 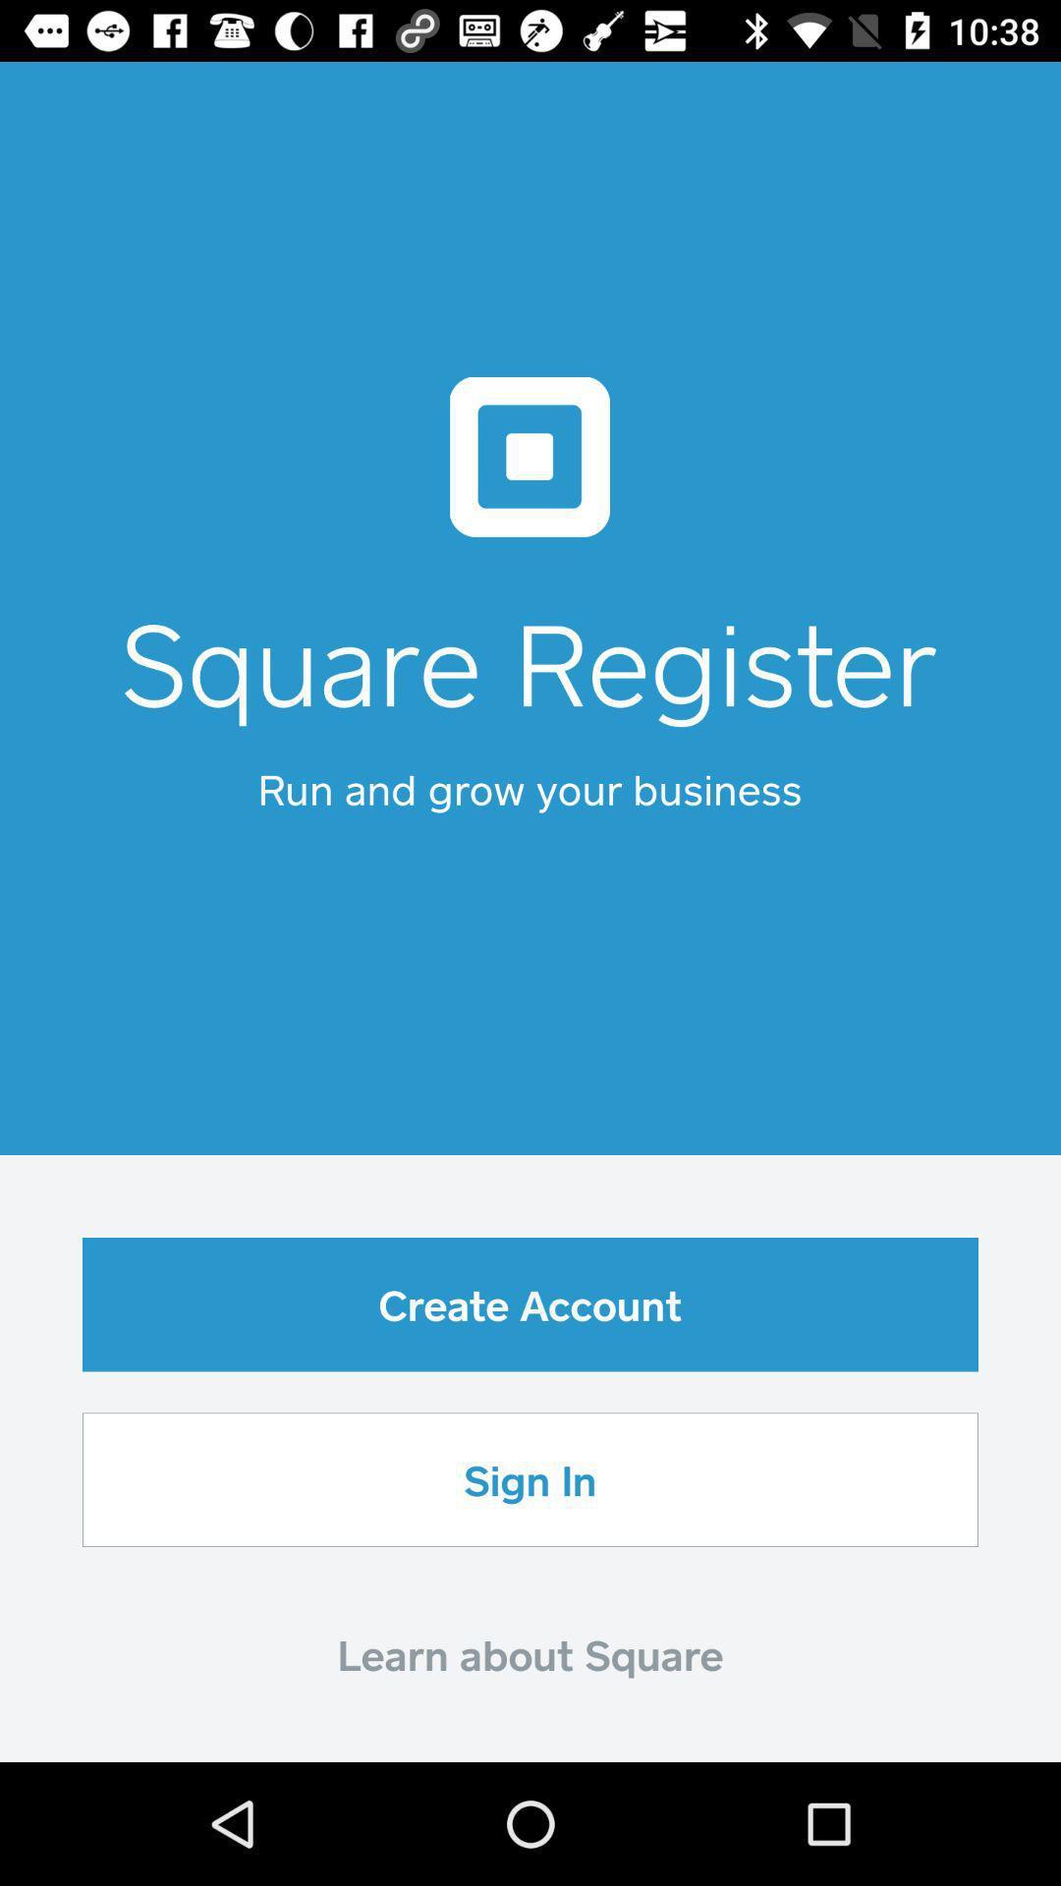 I want to click on the item below create account icon, so click(x=530, y=1479).